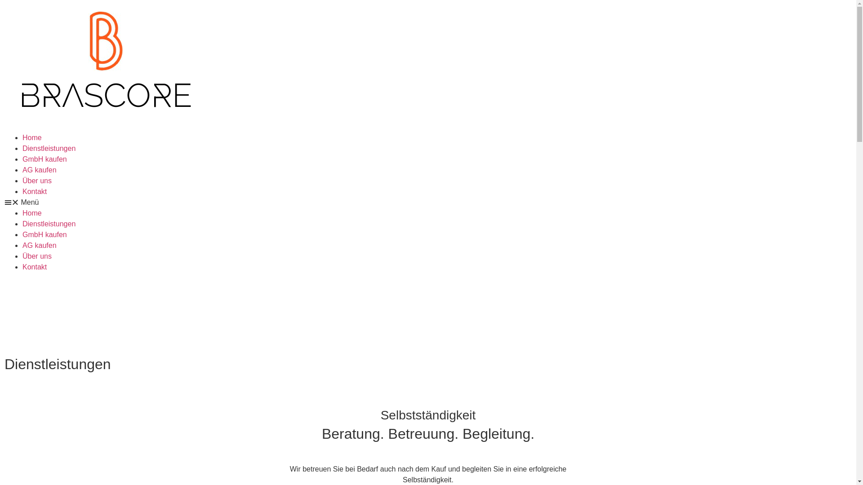  What do you see at coordinates (32, 137) in the screenshot?
I see `'Home'` at bounding box center [32, 137].